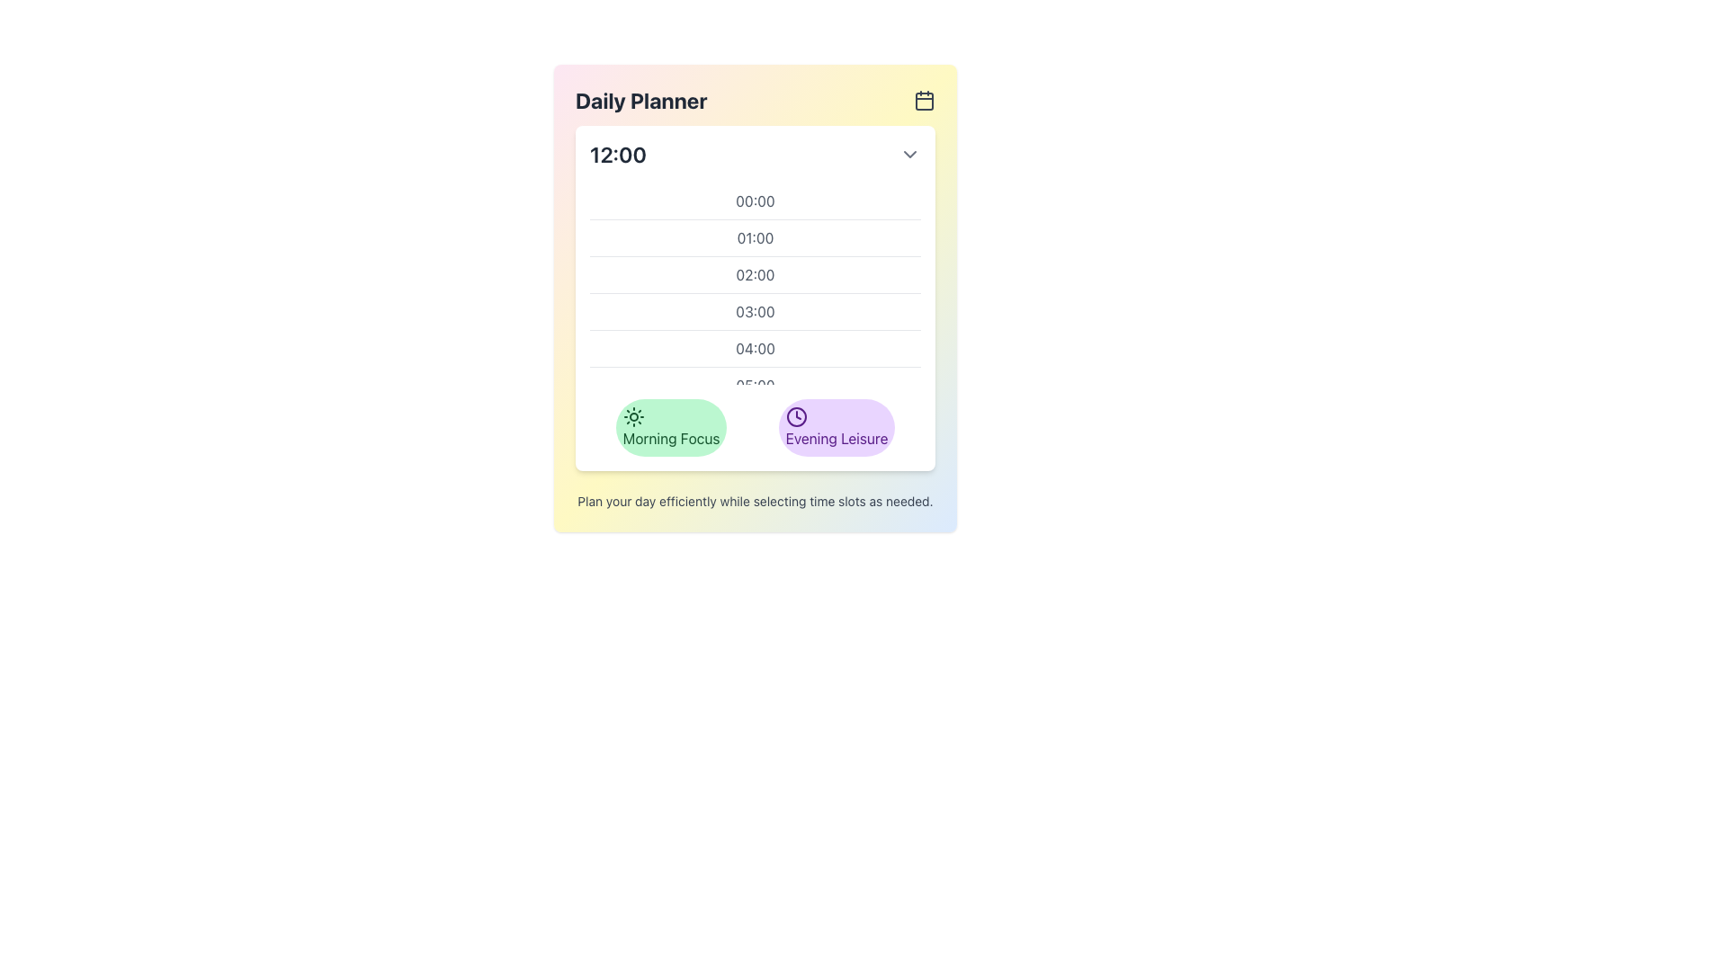  Describe the element at coordinates (756, 427) in the screenshot. I see `the Selector component in the Daily Planner interface` at that location.